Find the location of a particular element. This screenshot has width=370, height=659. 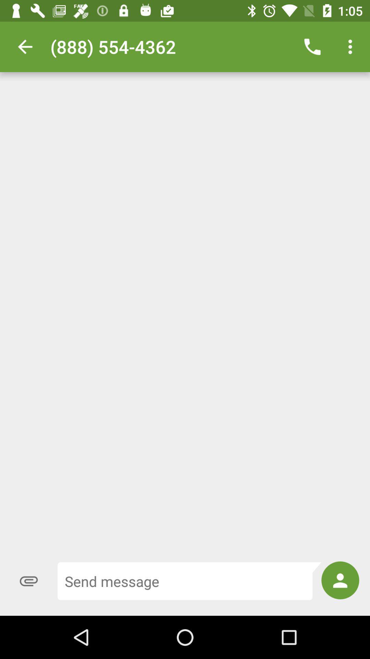

icon at the top left corner is located at coordinates (25, 46).